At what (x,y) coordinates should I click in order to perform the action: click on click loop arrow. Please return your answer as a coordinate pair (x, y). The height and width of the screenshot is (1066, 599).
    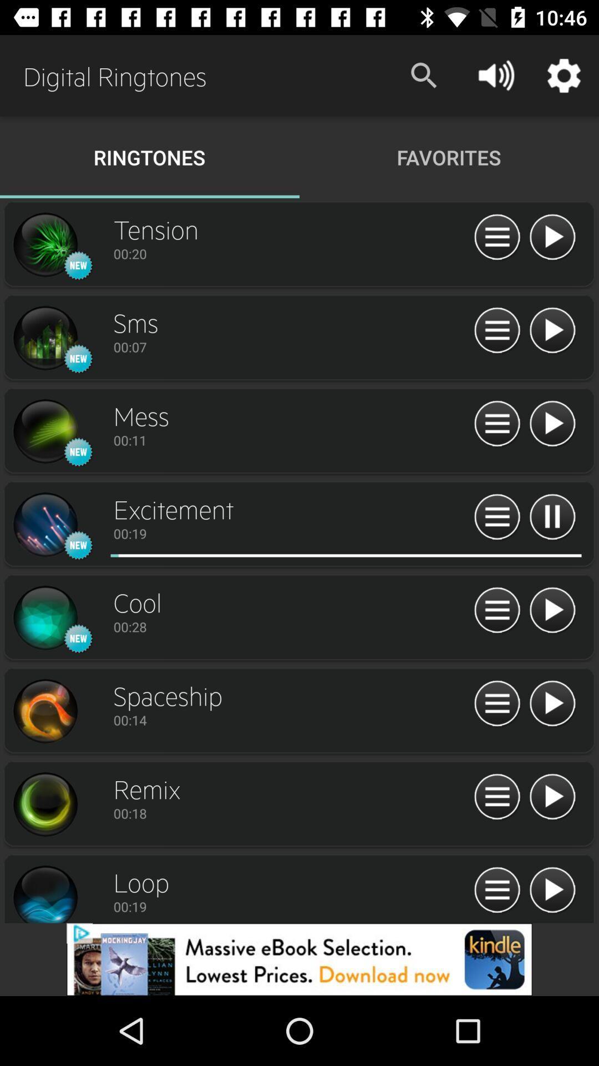
    Looking at the image, I should click on (552, 891).